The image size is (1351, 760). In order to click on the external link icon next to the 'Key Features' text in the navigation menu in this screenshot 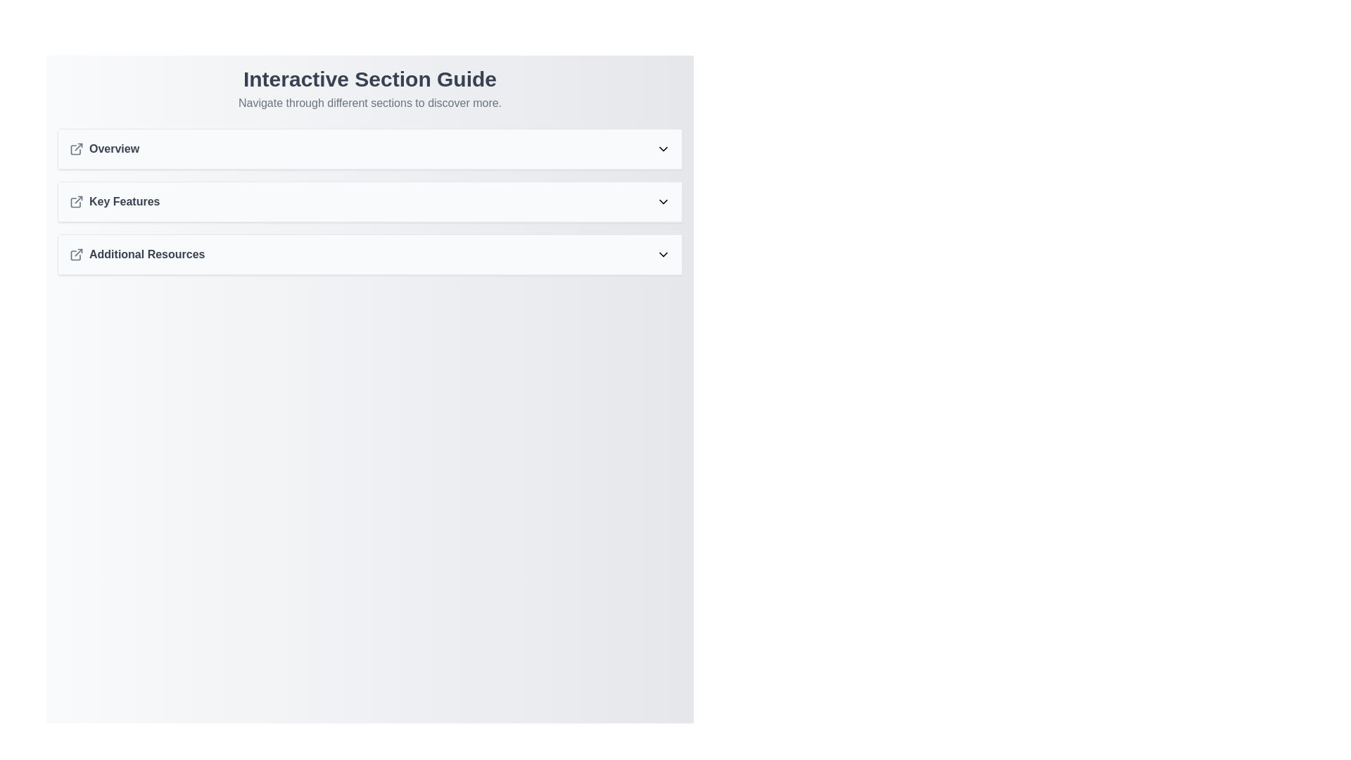, I will do `click(76, 201)`.